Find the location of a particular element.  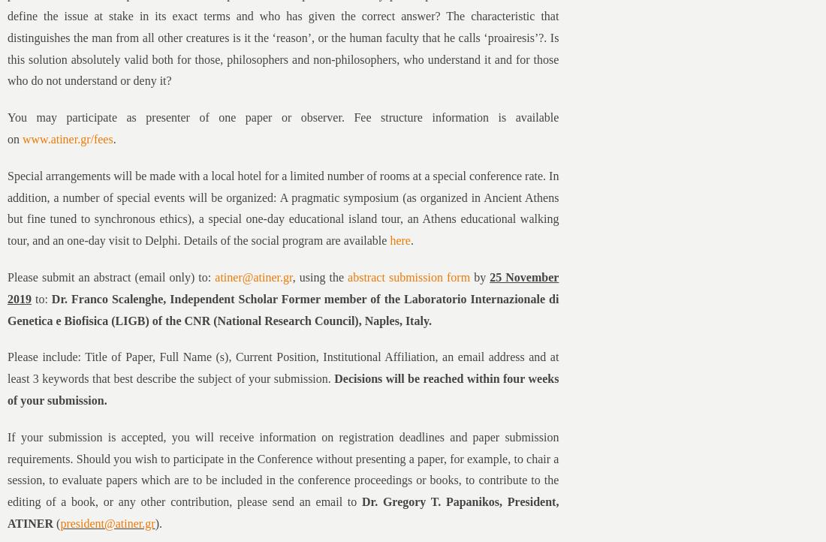

'Decisions will be reached within four weeks of your submission.' is located at coordinates (7, 389).